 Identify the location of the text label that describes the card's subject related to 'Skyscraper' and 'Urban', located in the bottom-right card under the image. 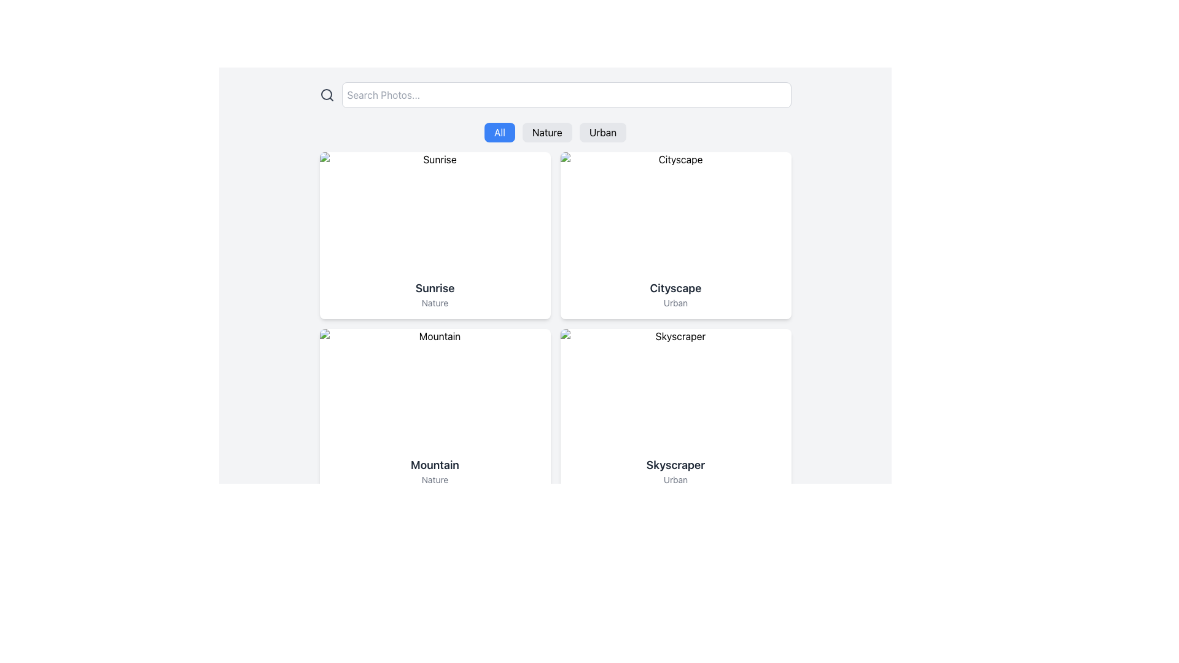
(675, 470).